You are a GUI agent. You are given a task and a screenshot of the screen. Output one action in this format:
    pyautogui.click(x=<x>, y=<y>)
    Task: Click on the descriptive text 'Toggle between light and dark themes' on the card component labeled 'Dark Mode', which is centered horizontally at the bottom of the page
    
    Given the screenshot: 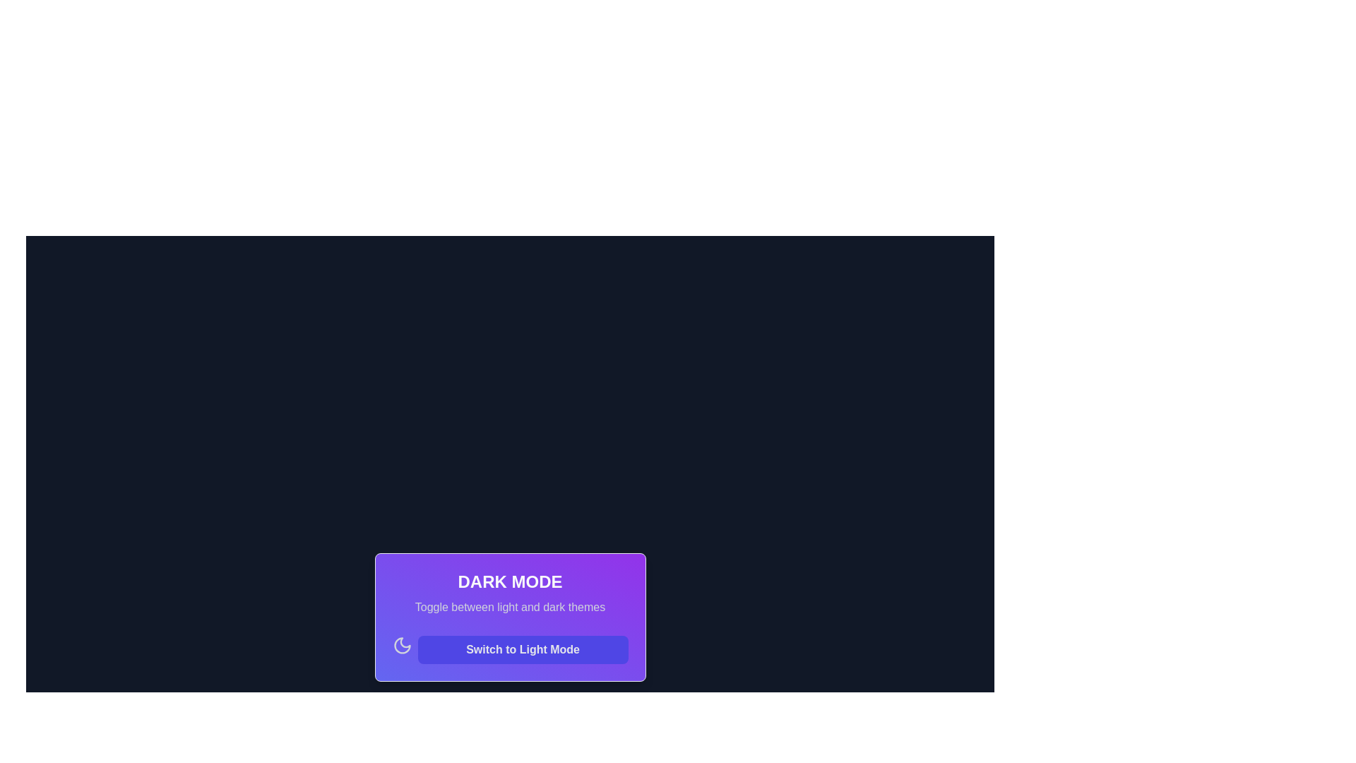 What is the action you would take?
    pyautogui.click(x=509, y=617)
    